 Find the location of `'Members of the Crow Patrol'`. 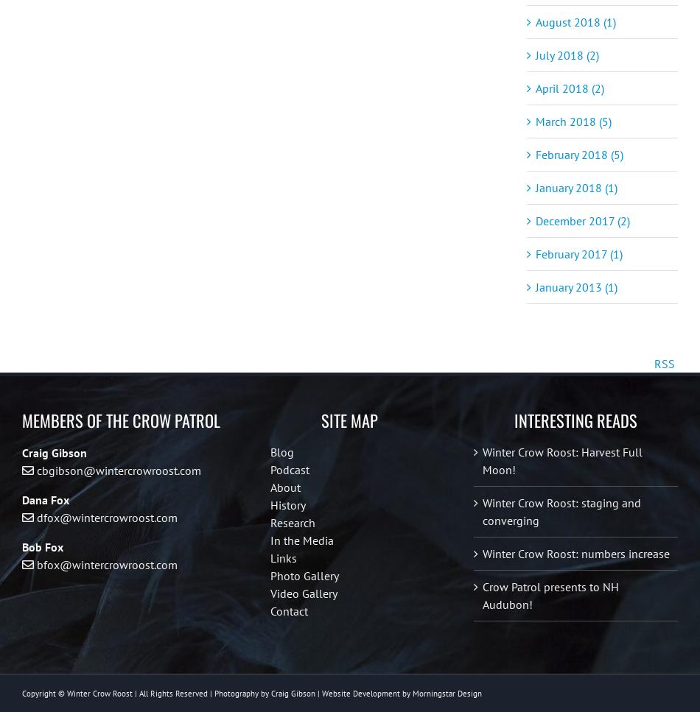

'Members of the Crow Patrol' is located at coordinates (121, 426).